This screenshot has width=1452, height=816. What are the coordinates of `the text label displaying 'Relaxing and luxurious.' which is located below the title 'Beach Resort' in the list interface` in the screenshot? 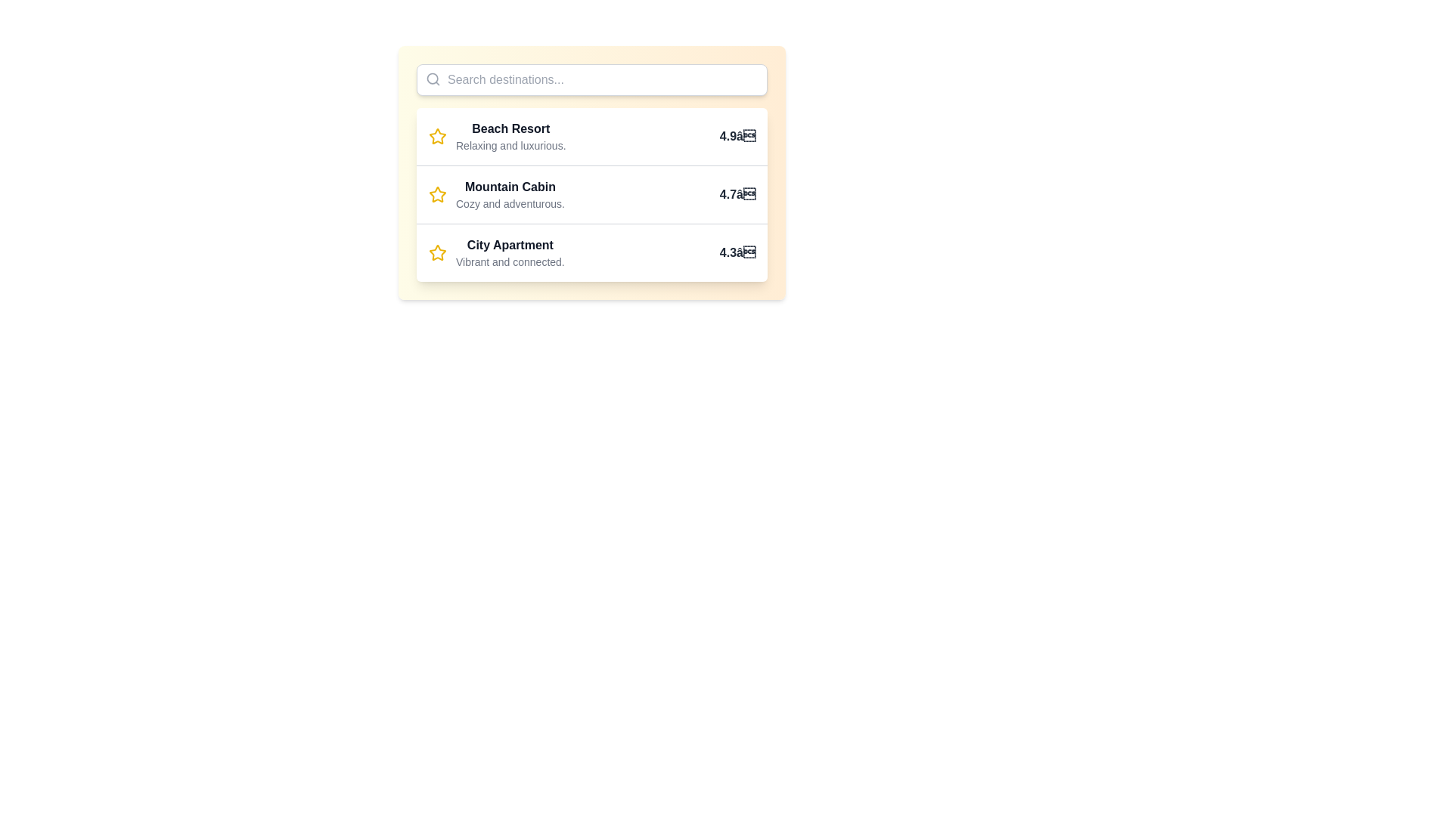 It's located at (510, 145).